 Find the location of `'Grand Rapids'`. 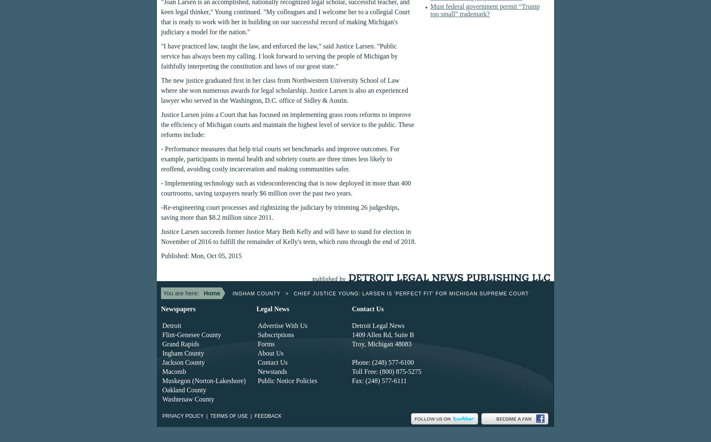

'Grand Rapids' is located at coordinates (180, 343).